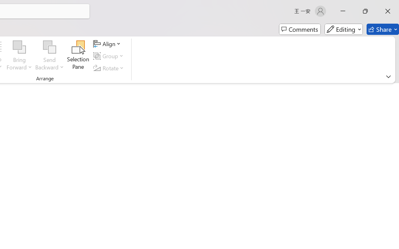  I want to click on 'Share', so click(382, 29).